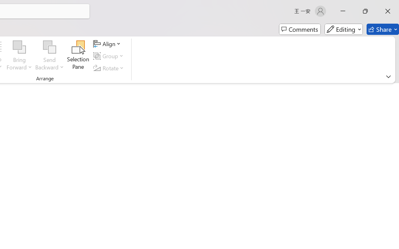  I want to click on 'Share', so click(382, 29).